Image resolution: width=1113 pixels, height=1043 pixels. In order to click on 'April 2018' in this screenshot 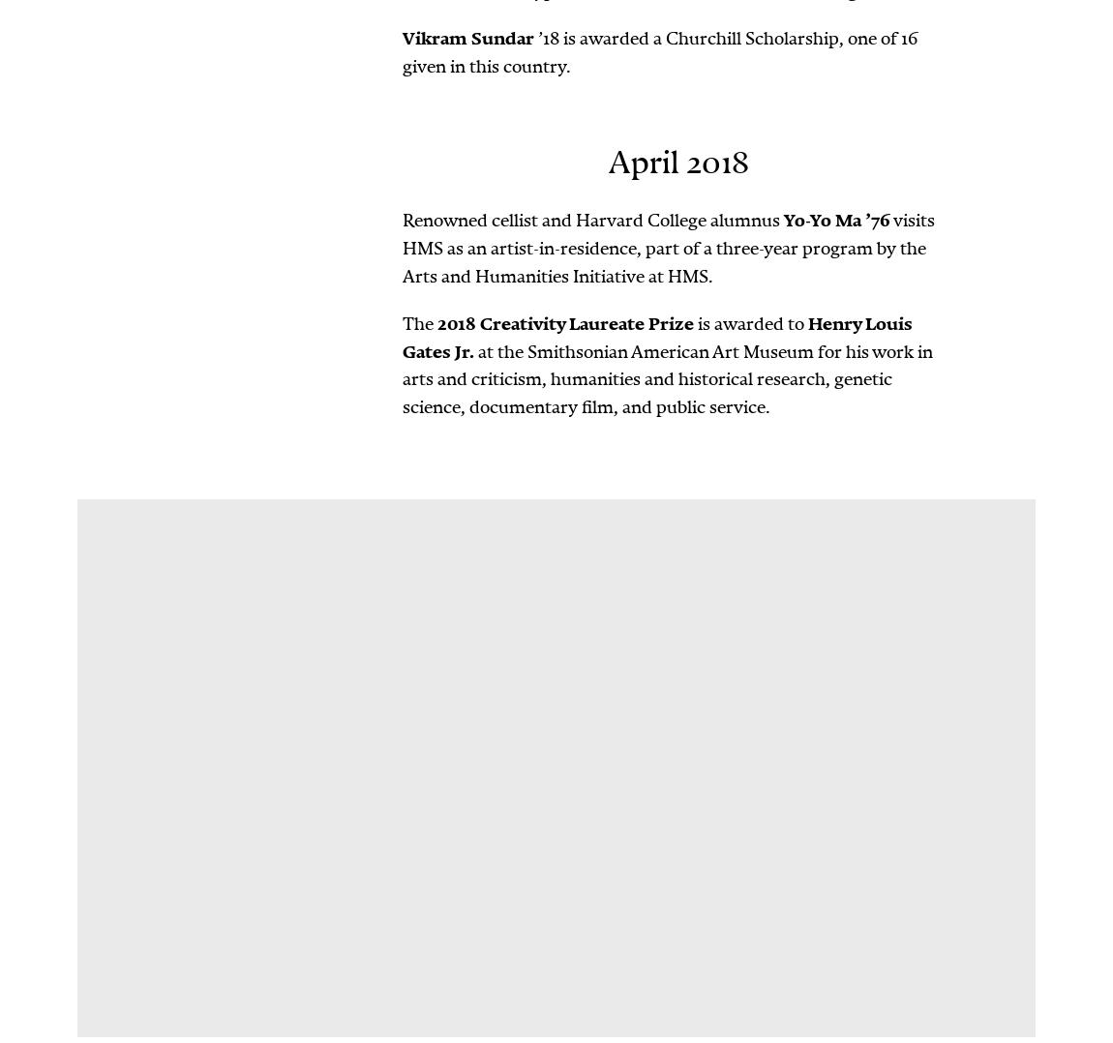, I will do `click(677, 161)`.